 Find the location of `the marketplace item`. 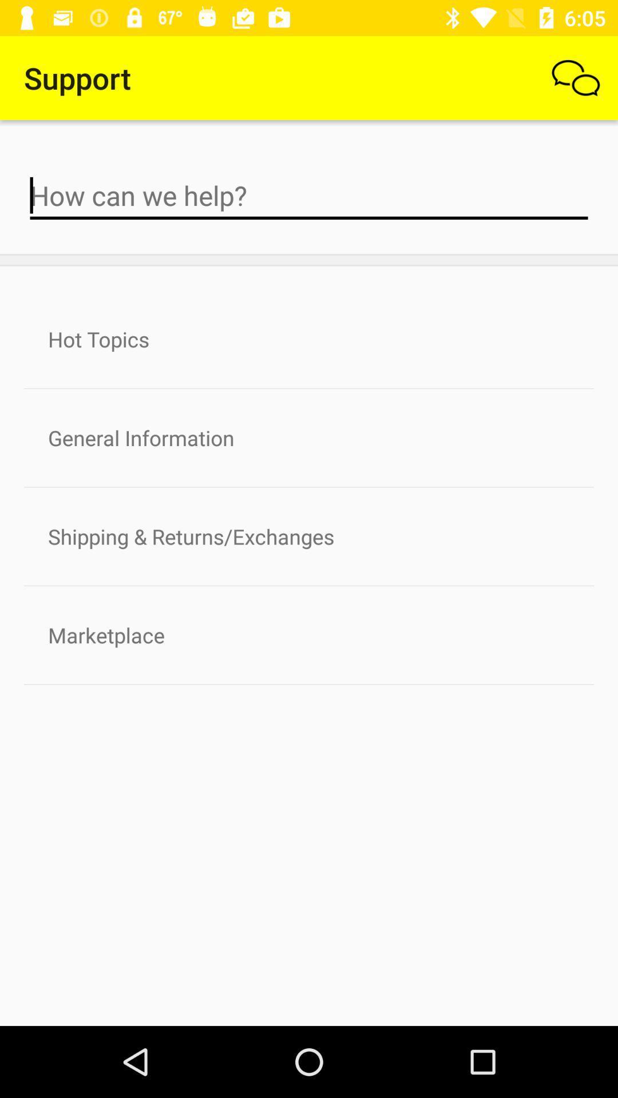

the marketplace item is located at coordinates (309, 634).